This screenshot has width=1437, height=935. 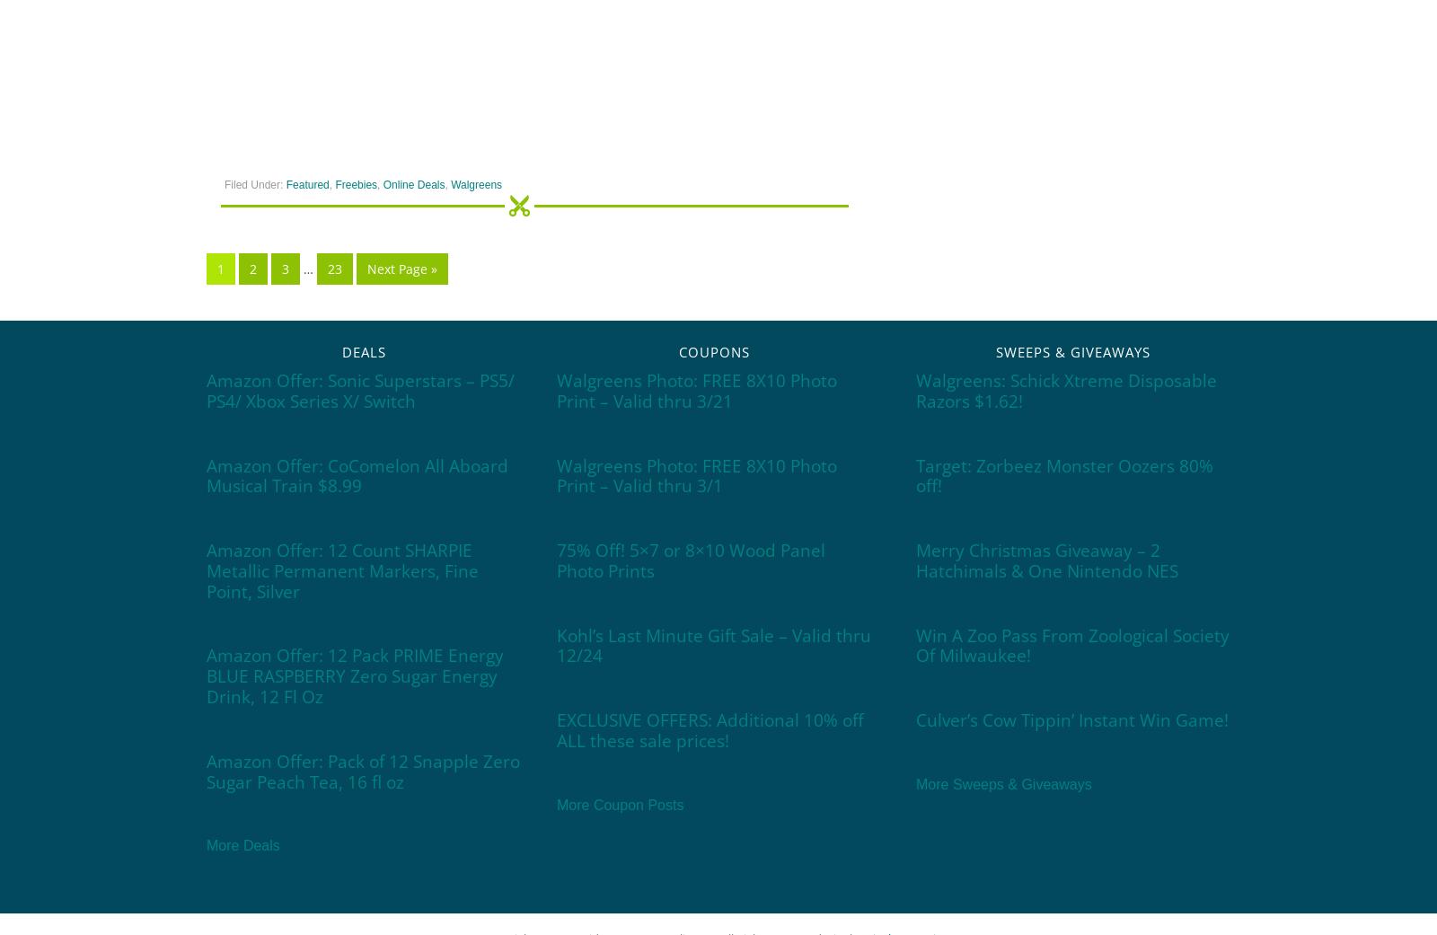 I want to click on 'Walgreens Photo: FREE 8X10 Photo Print – Valid thru 3/21', so click(x=697, y=389).